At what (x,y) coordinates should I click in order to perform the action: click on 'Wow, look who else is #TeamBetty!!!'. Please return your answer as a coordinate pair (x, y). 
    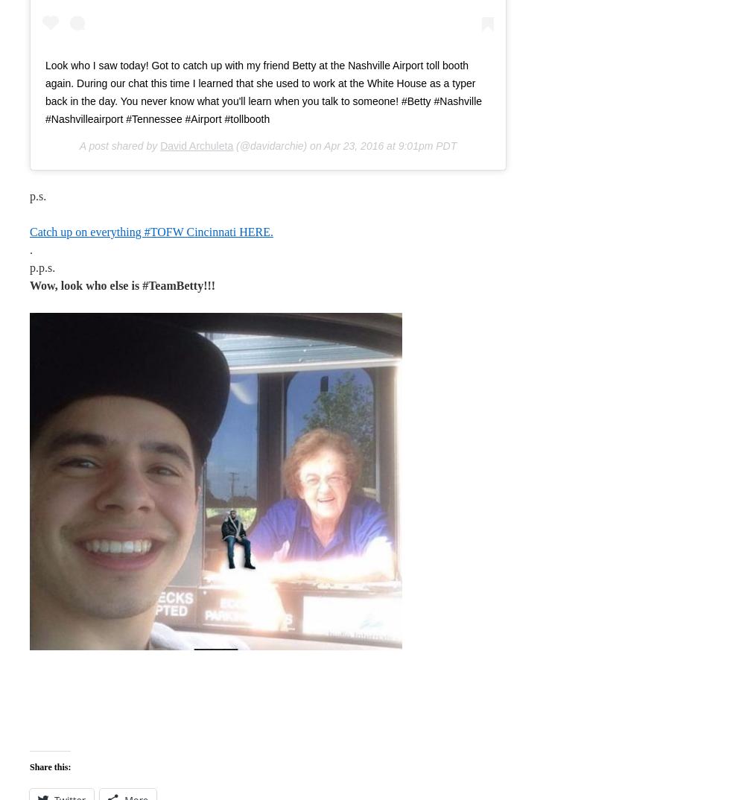
    Looking at the image, I should click on (122, 285).